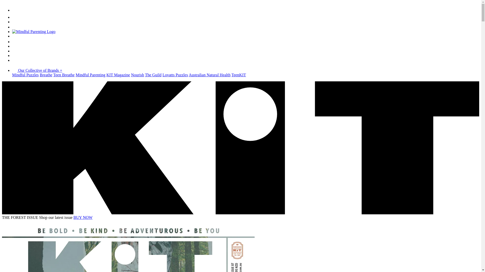  What do you see at coordinates (138, 75) in the screenshot?
I see `'Nourish'` at bounding box center [138, 75].